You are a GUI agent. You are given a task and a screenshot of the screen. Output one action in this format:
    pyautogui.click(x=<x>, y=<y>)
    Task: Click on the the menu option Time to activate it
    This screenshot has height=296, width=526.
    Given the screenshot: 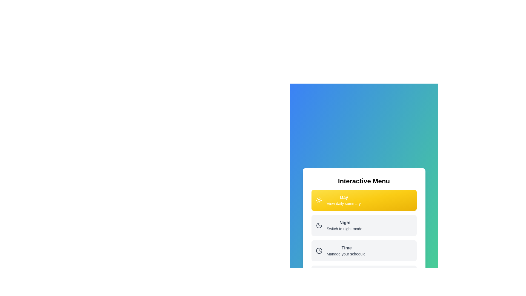 What is the action you would take?
    pyautogui.click(x=364, y=251)
    